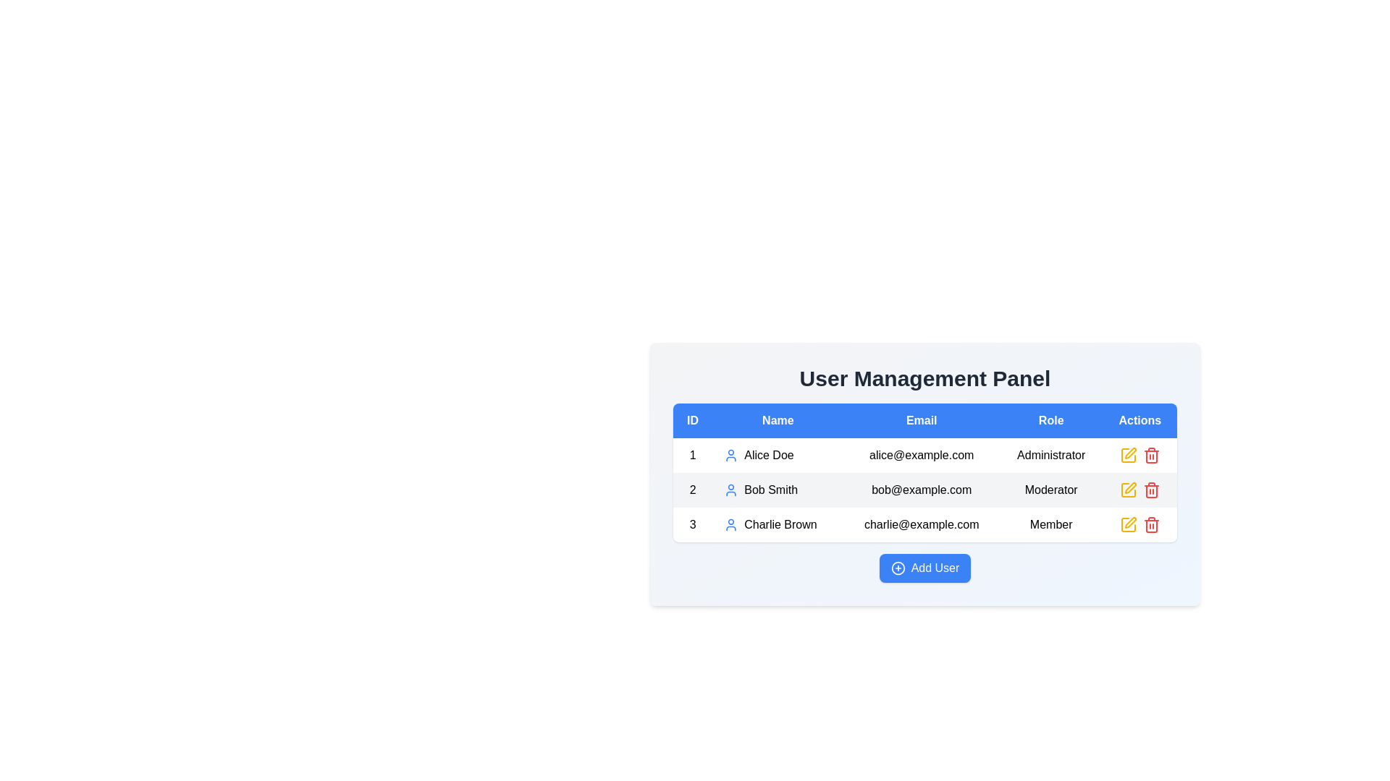 This screenshot has height=781, width=1390. I want to click on the Plain text element that indicates the ID of the user record in the first column of the third row of the table, so click(692, 524).